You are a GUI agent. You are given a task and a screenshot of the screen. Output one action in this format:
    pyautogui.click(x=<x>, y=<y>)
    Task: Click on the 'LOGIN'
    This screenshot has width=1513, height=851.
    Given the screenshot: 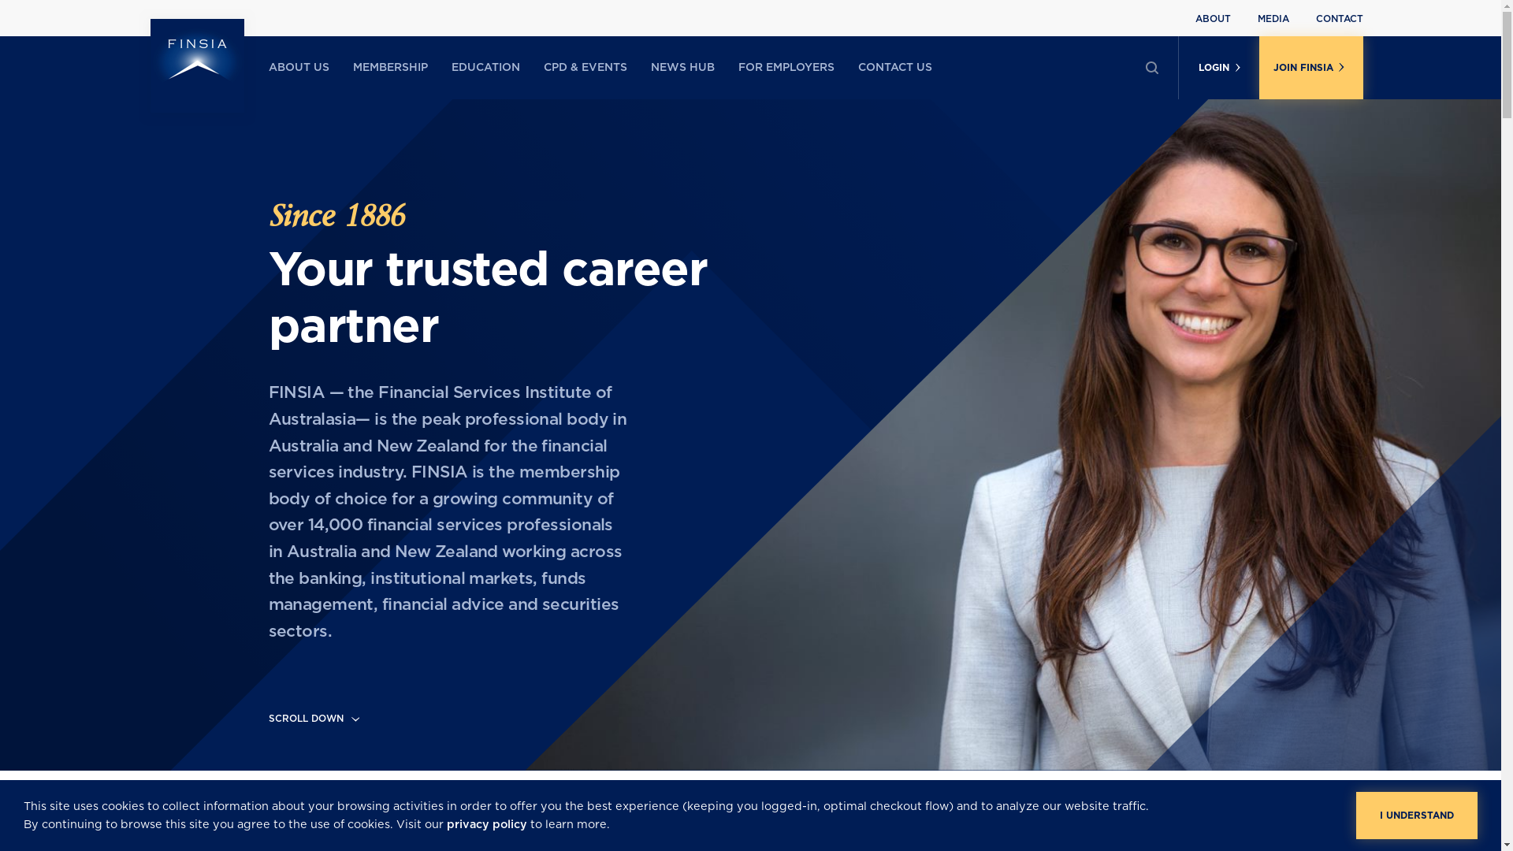 What is the action you would take?
    pyautogui.click(x=1217, y=66)
    